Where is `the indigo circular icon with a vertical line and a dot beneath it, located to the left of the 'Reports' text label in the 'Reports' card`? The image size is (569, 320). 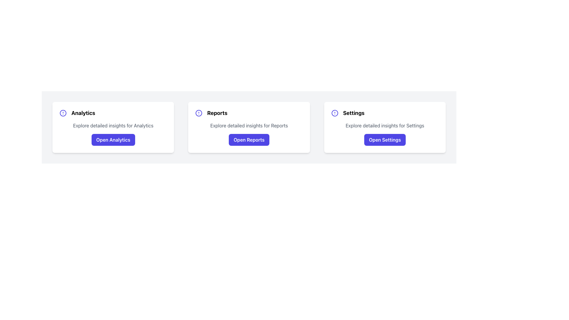
the indigo circular icon with a vertical line and a dot beneath it, located to the left of the 'Reports' text label in the 'Reports' card is located at coordinates (199, 113).